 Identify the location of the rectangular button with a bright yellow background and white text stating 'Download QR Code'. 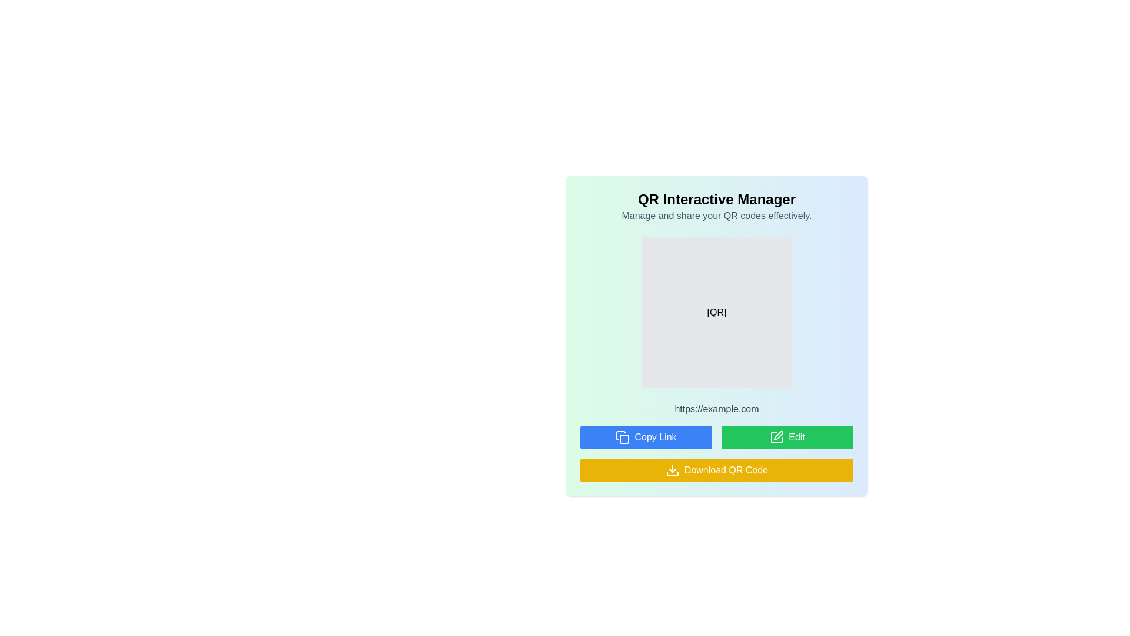
(716, 469).